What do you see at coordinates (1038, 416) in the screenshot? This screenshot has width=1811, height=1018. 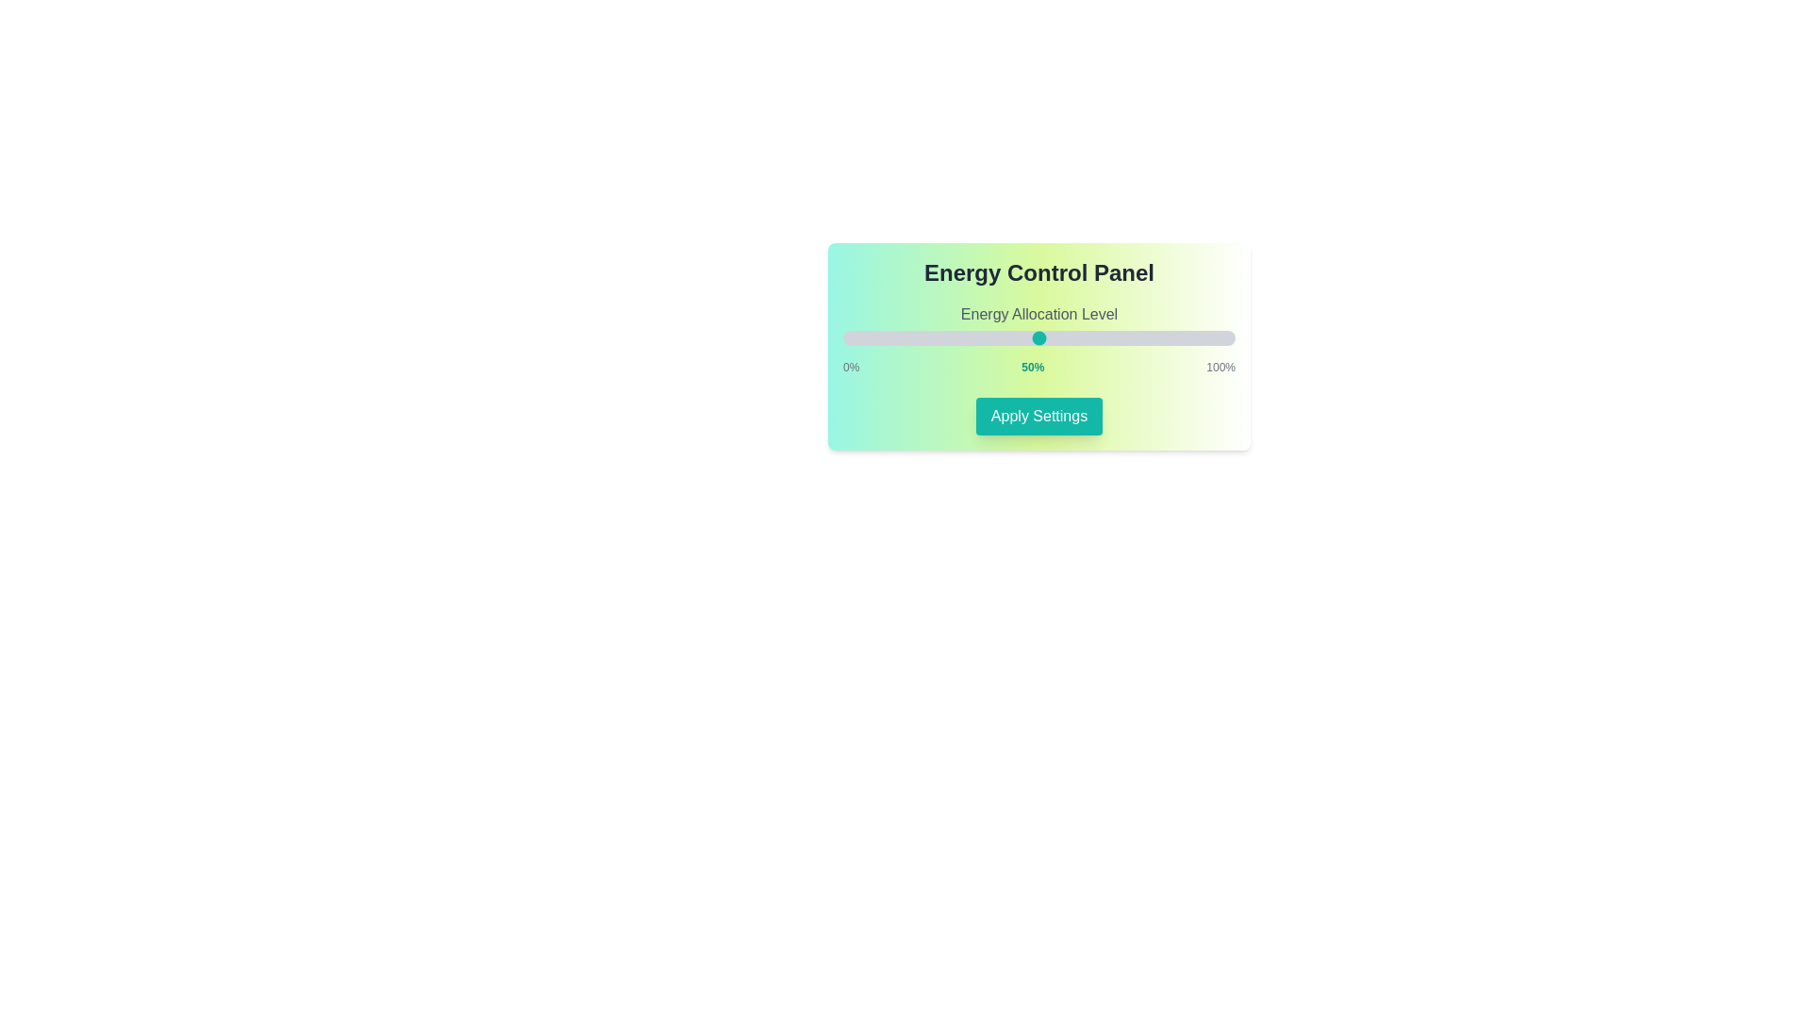 I see `the 'Apply Settings' button` at bounding box center [1038, 416].